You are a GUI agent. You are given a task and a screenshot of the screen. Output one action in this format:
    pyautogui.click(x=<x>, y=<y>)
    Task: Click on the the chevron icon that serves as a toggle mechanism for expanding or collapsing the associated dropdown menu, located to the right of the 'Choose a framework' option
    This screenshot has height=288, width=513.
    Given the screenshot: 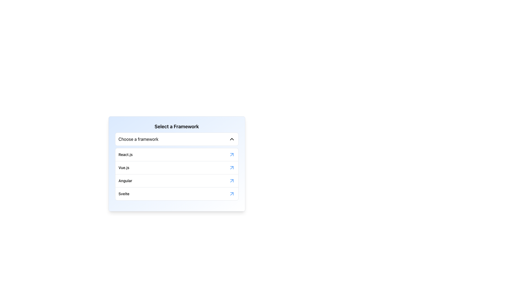 What is the action you would take?
    pyautogui.click(x=232, y=139)
    